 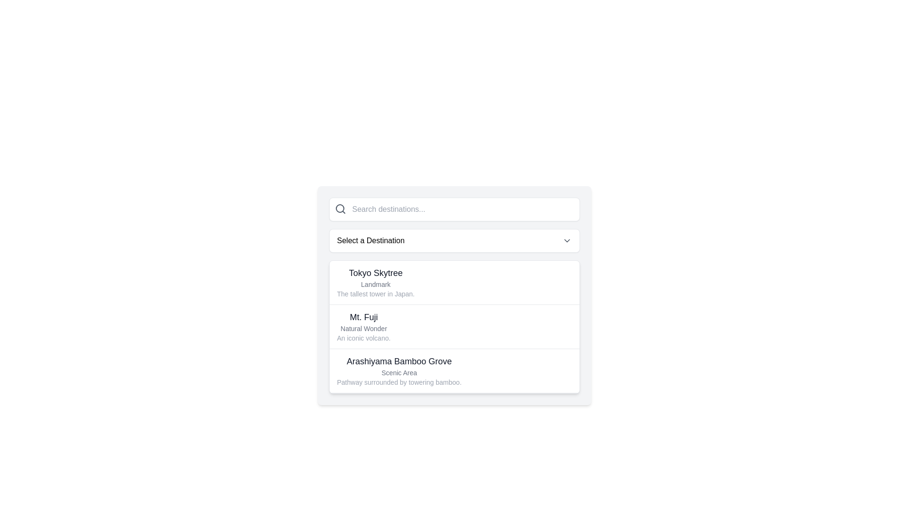 What do you see at coordinates (363, 328) in the screenshot?
I see `the Text Label that categorizes the 'Mt. Fuji' listing as a 'Natural Wonder', located centrally in the card beneath the title 'Mt. Fuji'` at bounding box center [363, 328].